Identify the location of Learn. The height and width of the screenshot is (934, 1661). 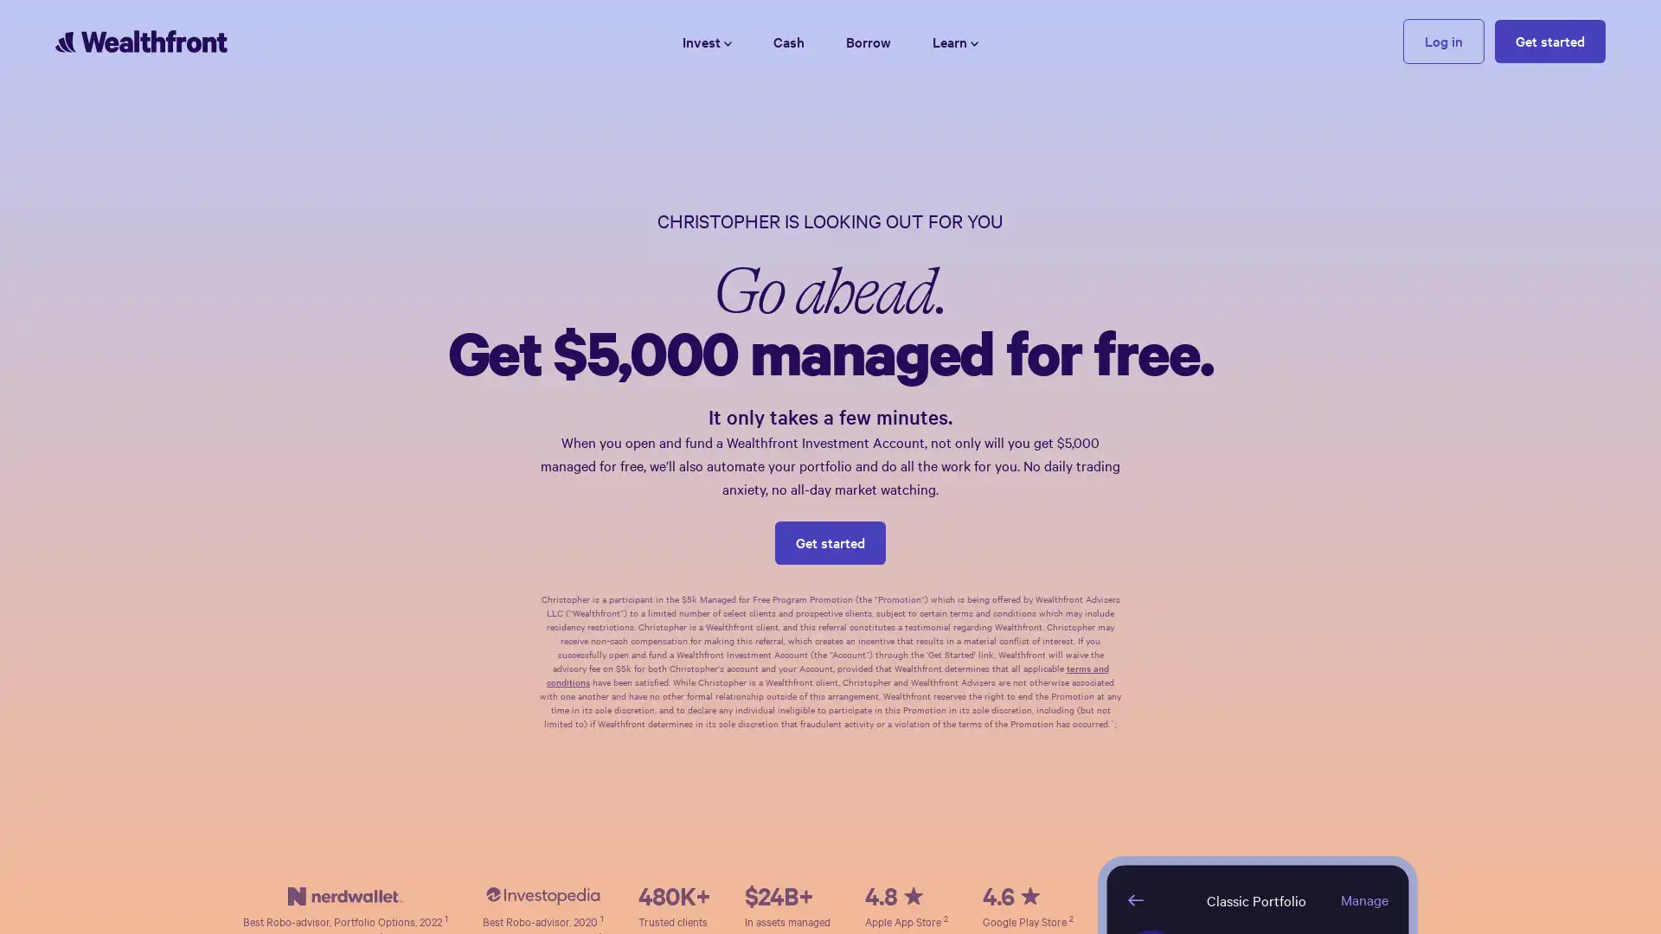
(954, 40).